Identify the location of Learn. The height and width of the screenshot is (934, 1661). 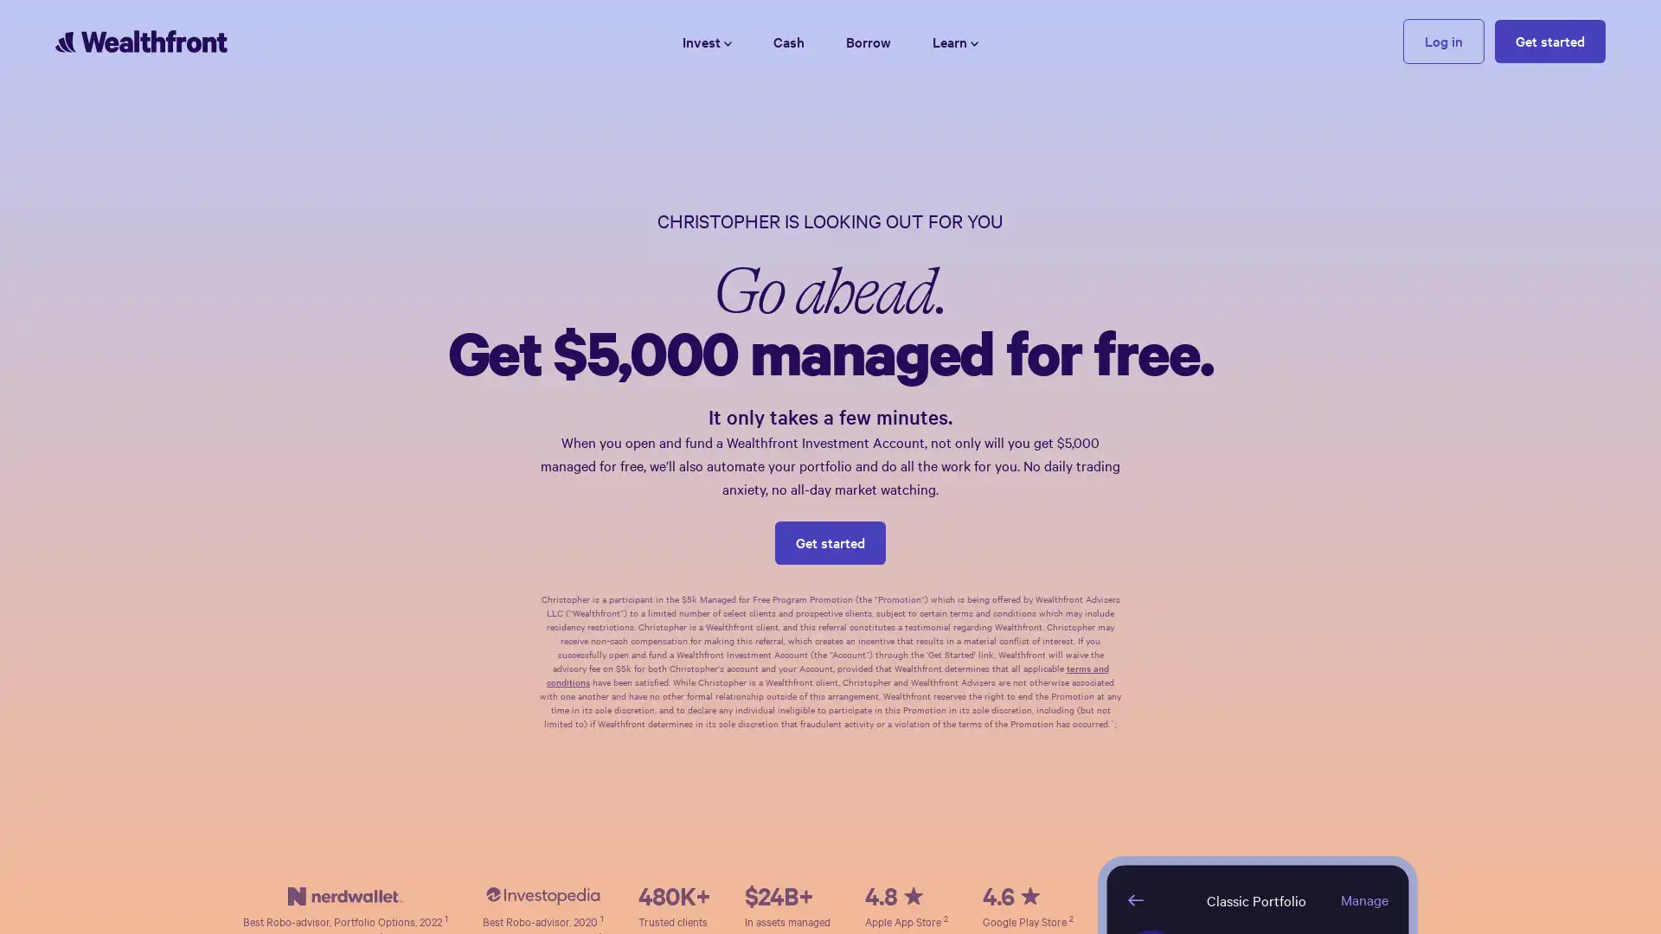
(954, 40).